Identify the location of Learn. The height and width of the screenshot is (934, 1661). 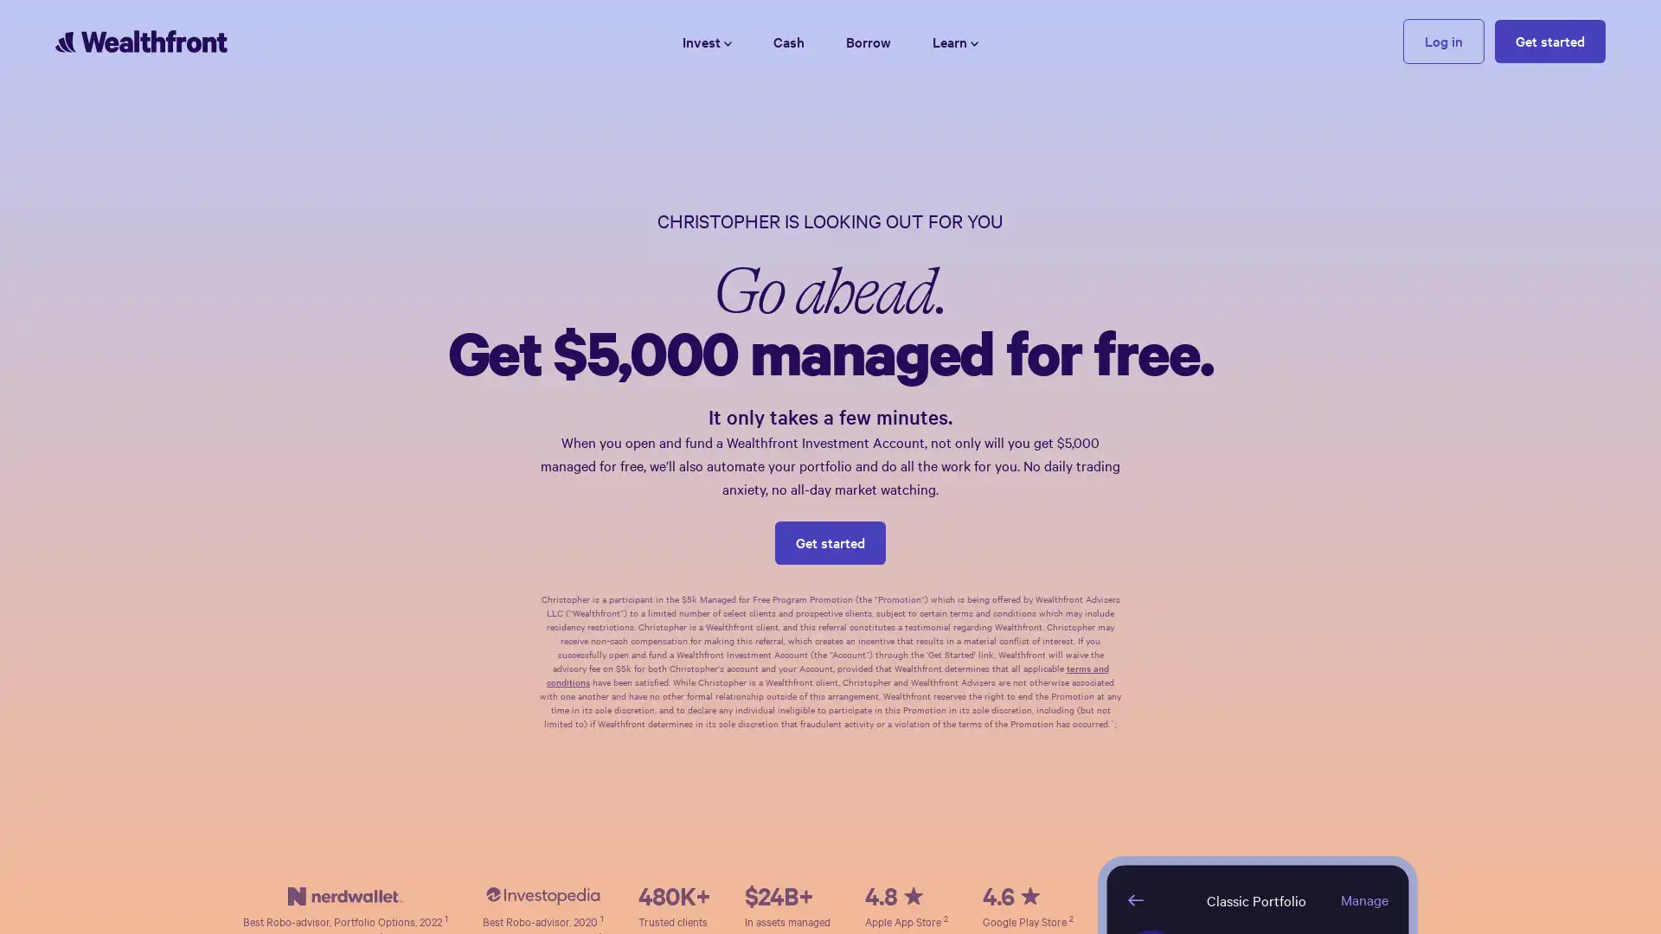
(954, 40).